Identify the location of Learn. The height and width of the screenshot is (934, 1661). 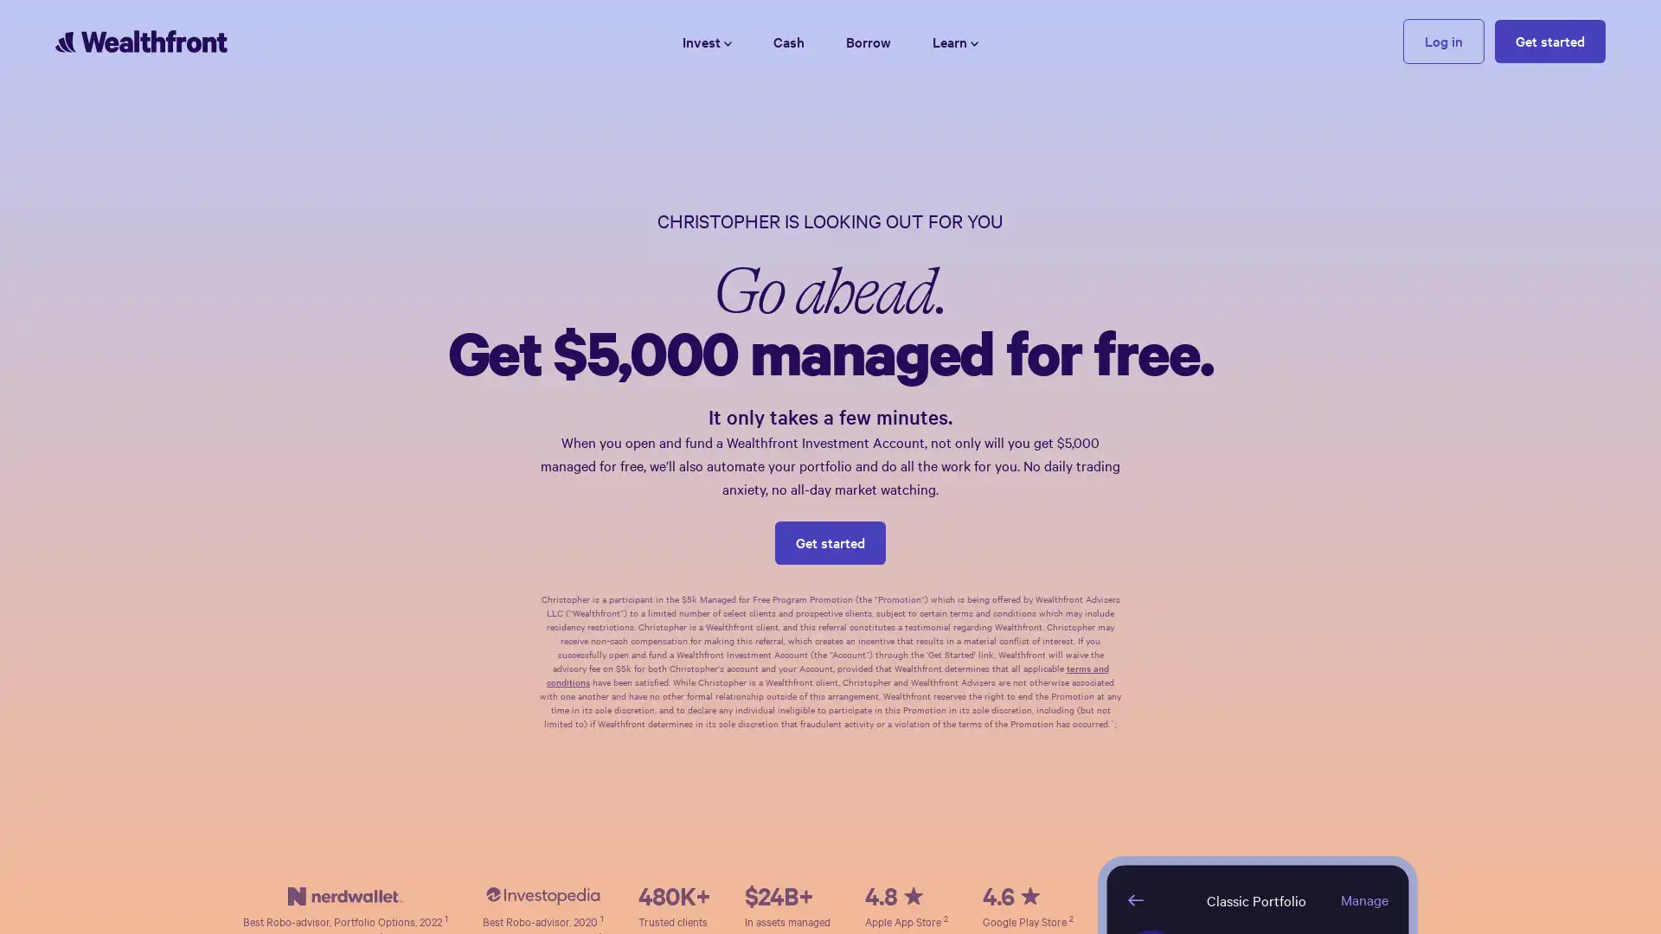
(954, 40).